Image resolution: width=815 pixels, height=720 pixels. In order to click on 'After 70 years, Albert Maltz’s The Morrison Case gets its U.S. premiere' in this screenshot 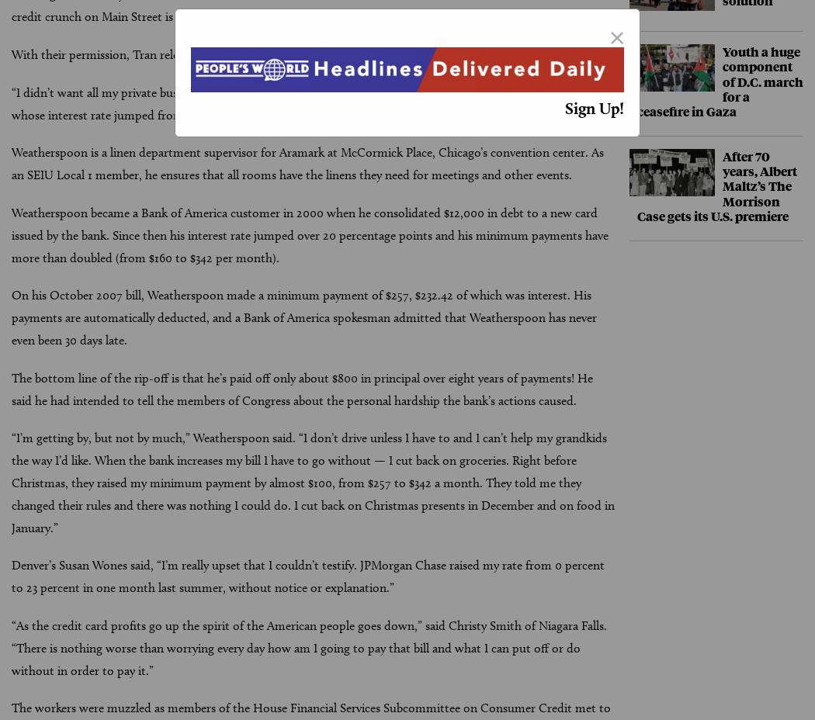, I will do `click(716, 185)`.